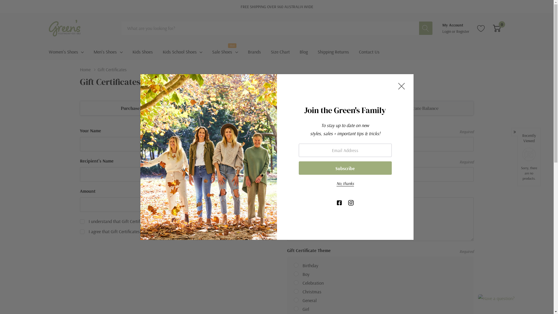 This screenshot has width=558, height=314. What do you see at coordinates (142, 51) in the screenshot?
I see `'Kids Shoes'` at bounding box center [142, 51].